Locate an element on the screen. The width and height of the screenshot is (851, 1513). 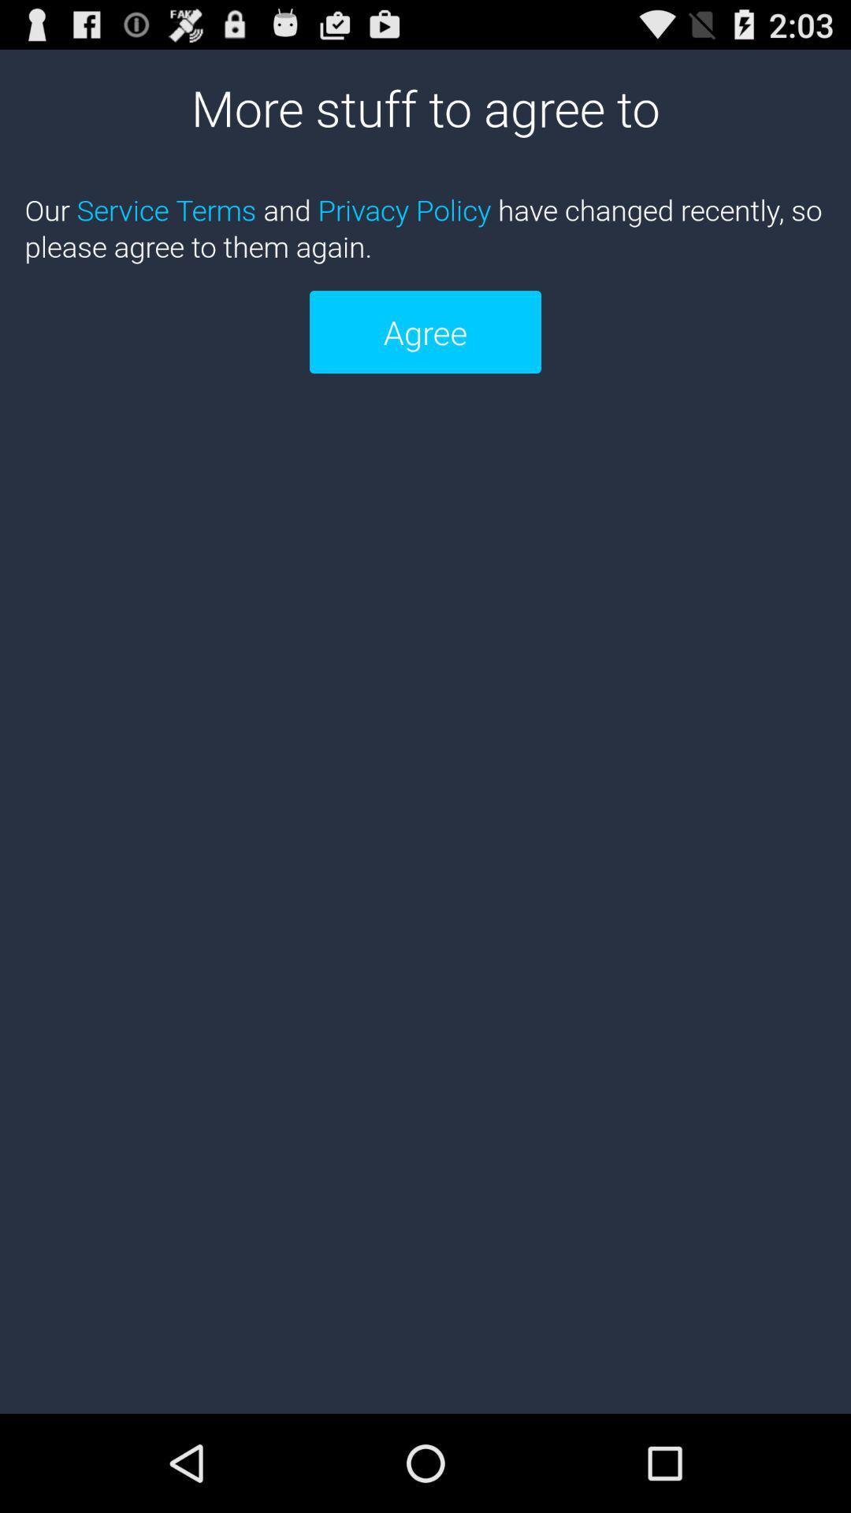
icon below more stuff to icon is located at coordinates (425, 227).